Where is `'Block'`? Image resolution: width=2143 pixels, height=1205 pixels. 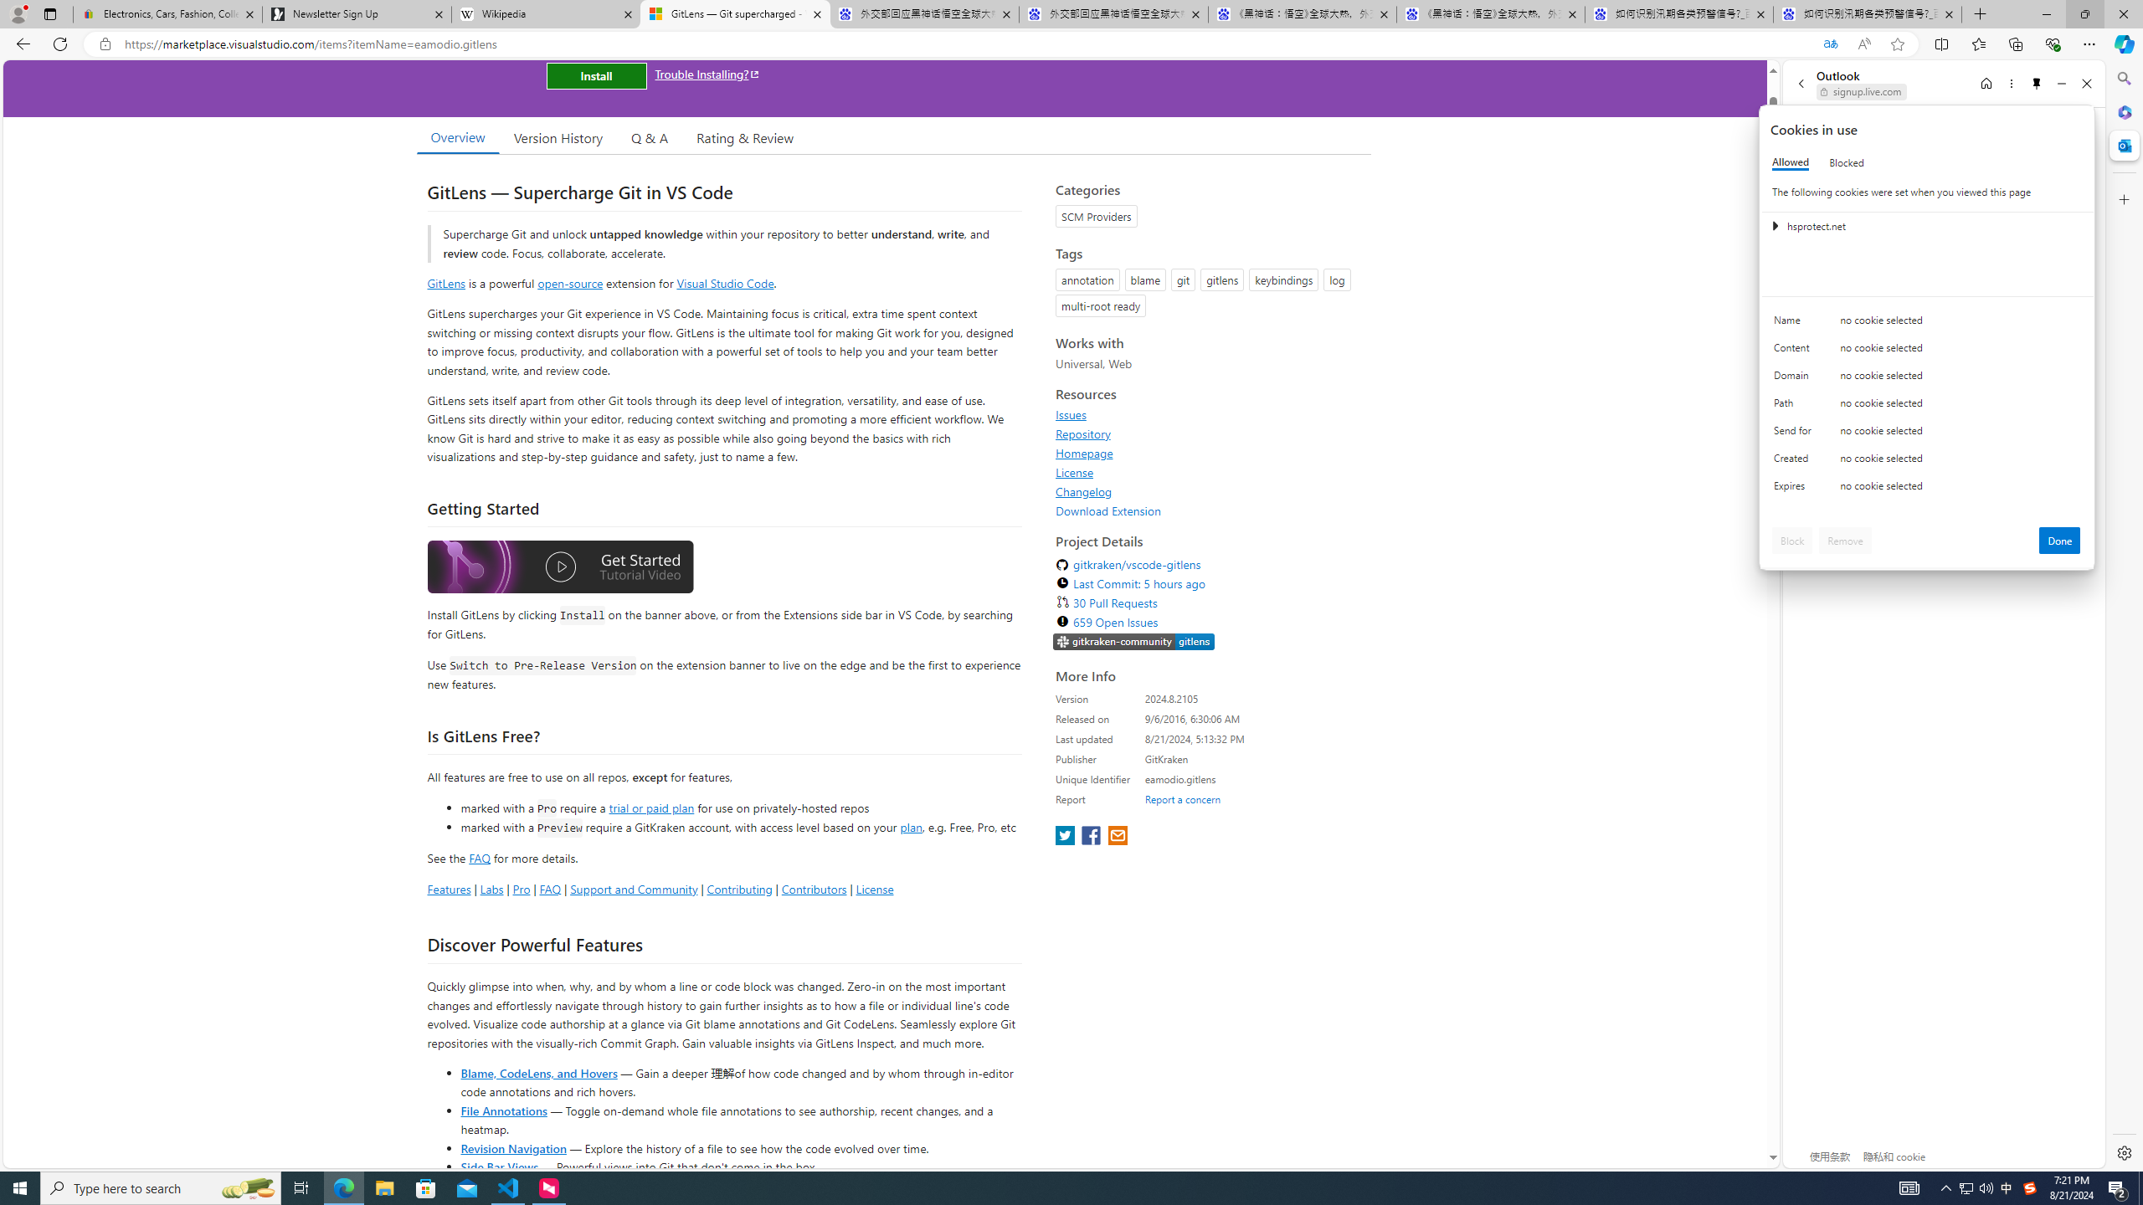
'Block' is located at coordinates (1791, 541).